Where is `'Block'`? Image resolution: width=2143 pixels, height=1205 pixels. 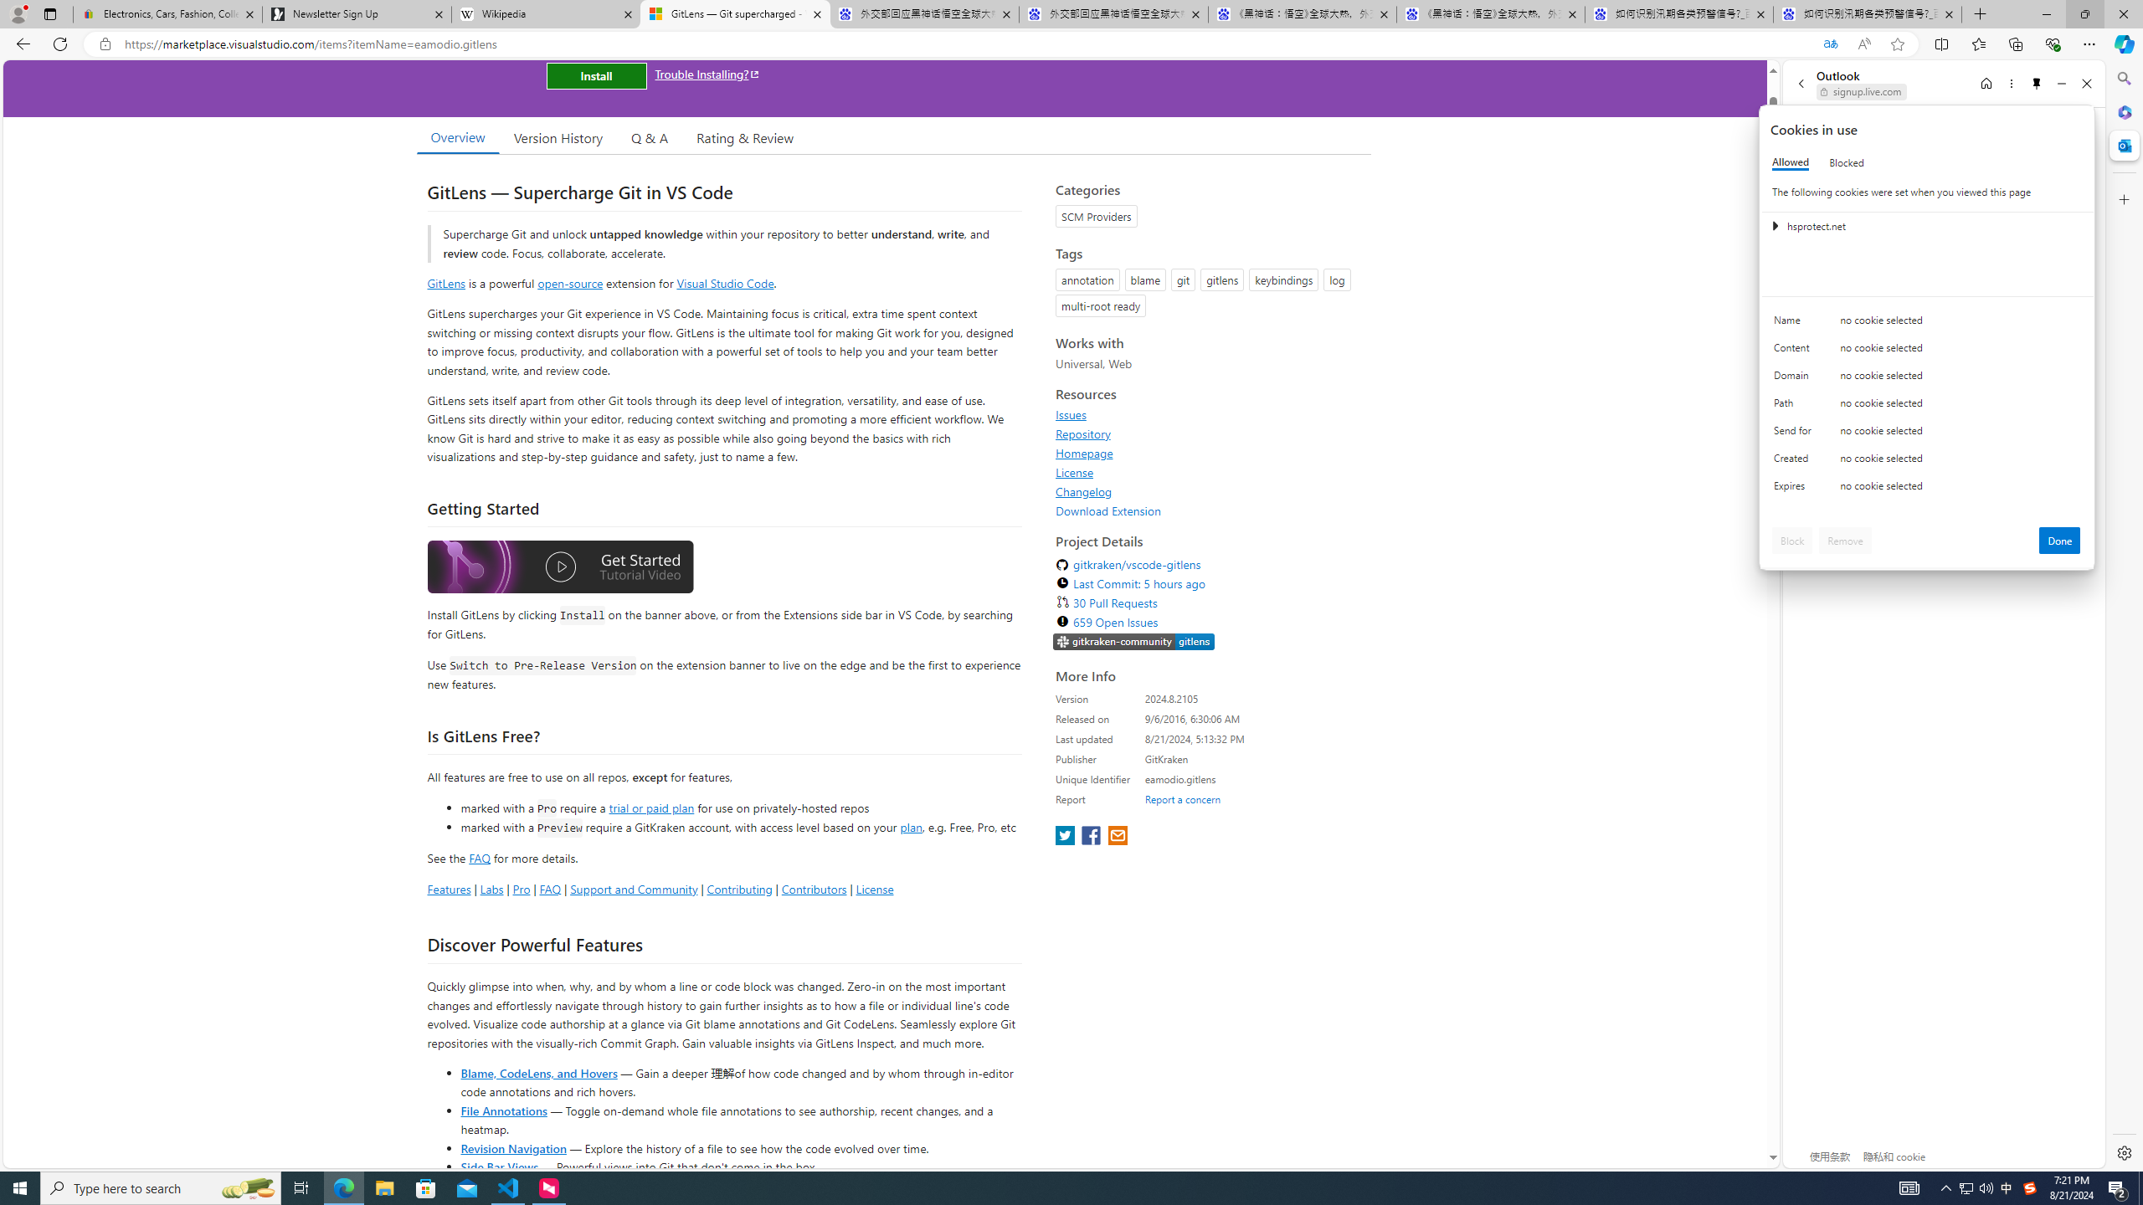
'Block' is located at coordinates (1791, 541).